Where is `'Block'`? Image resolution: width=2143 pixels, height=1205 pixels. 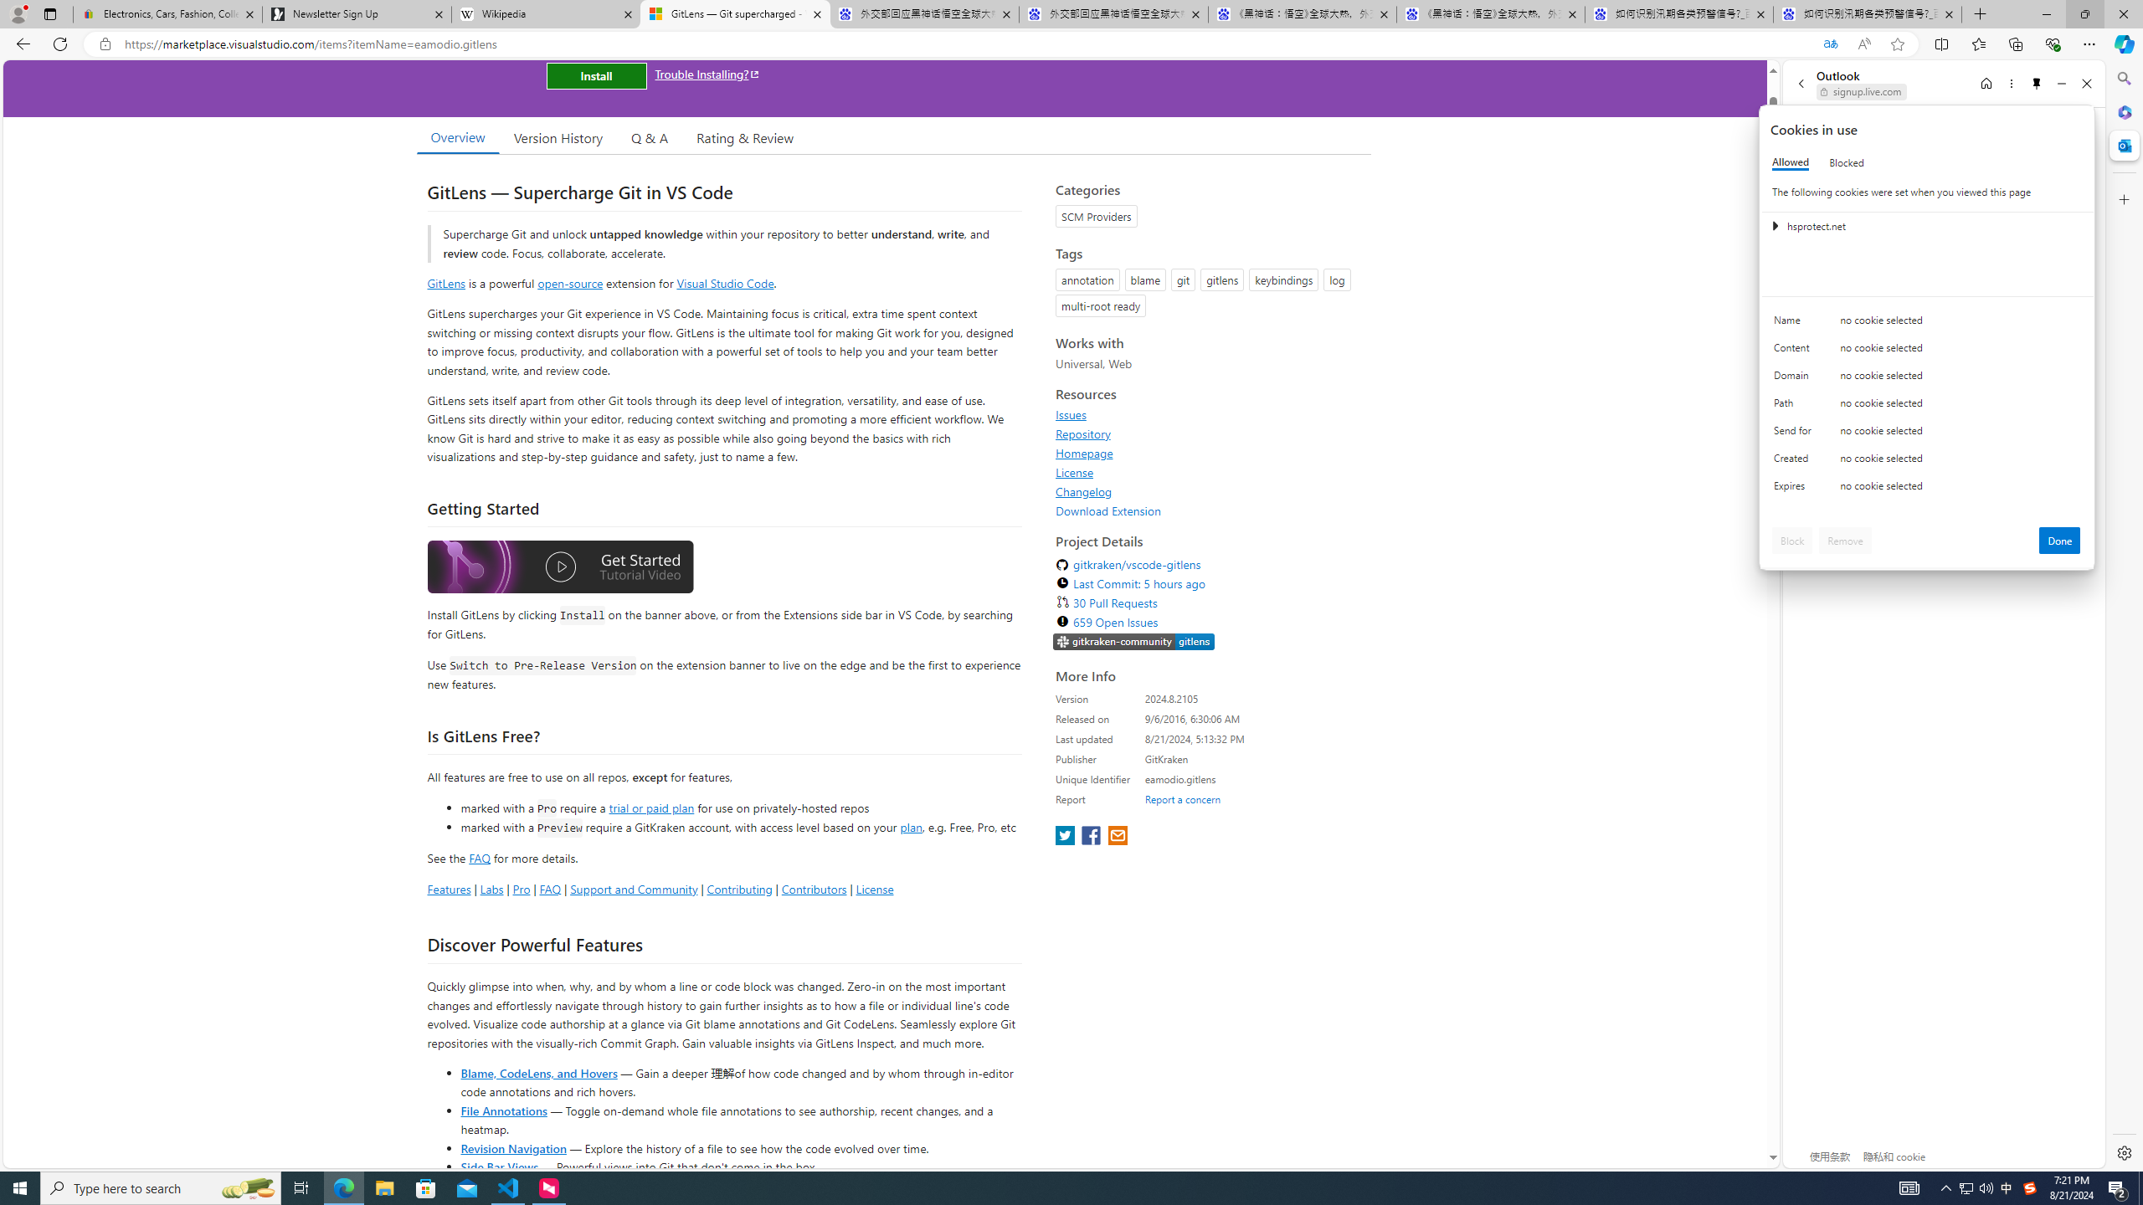
'Block' is located at coordinates (1791, 541).